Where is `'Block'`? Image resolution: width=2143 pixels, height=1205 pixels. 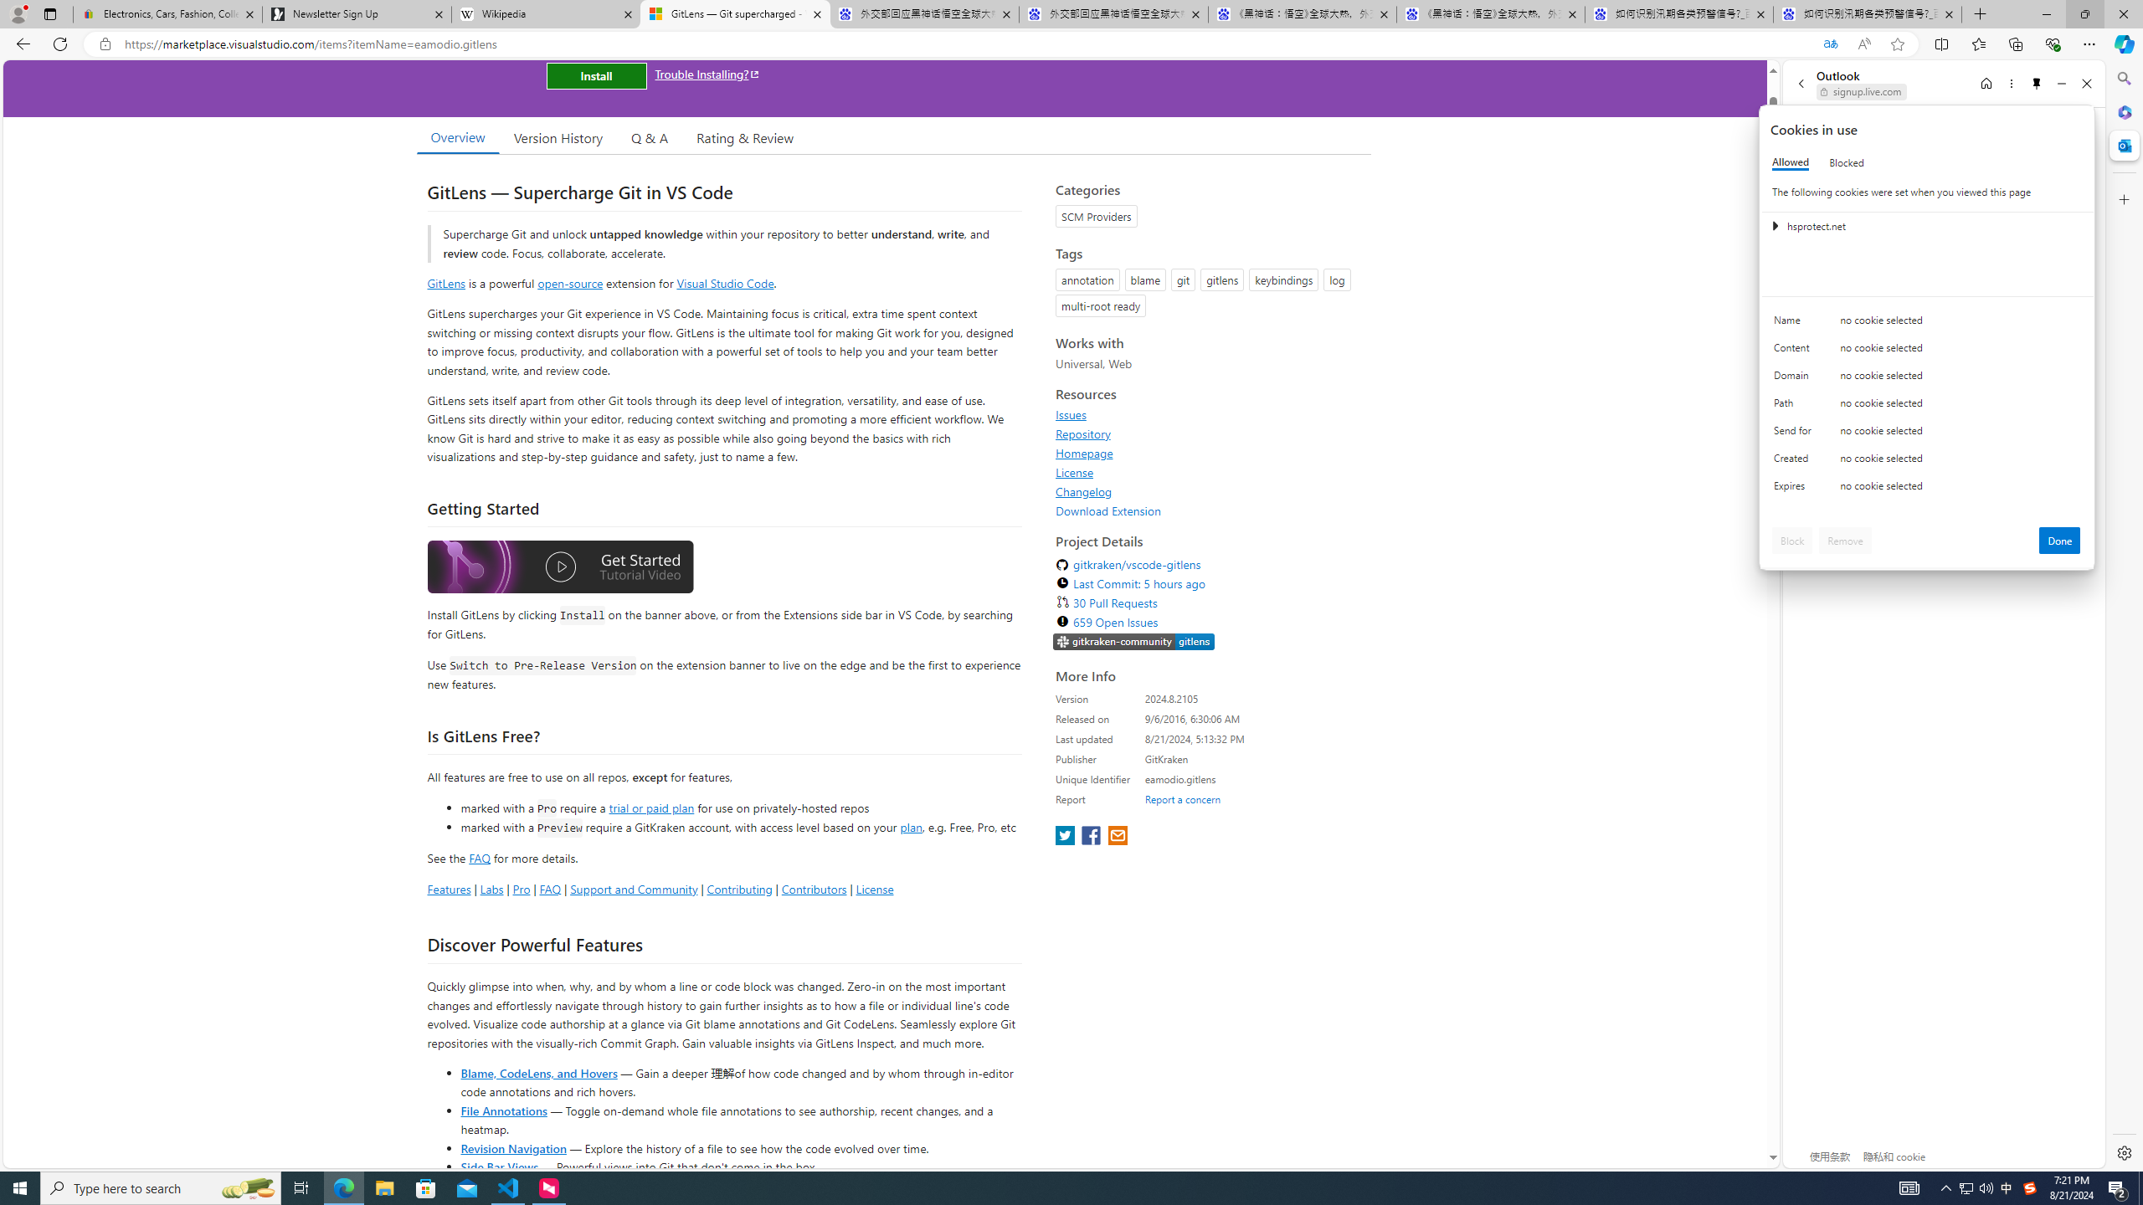
'Block' is located at coordinates (1791, 541).